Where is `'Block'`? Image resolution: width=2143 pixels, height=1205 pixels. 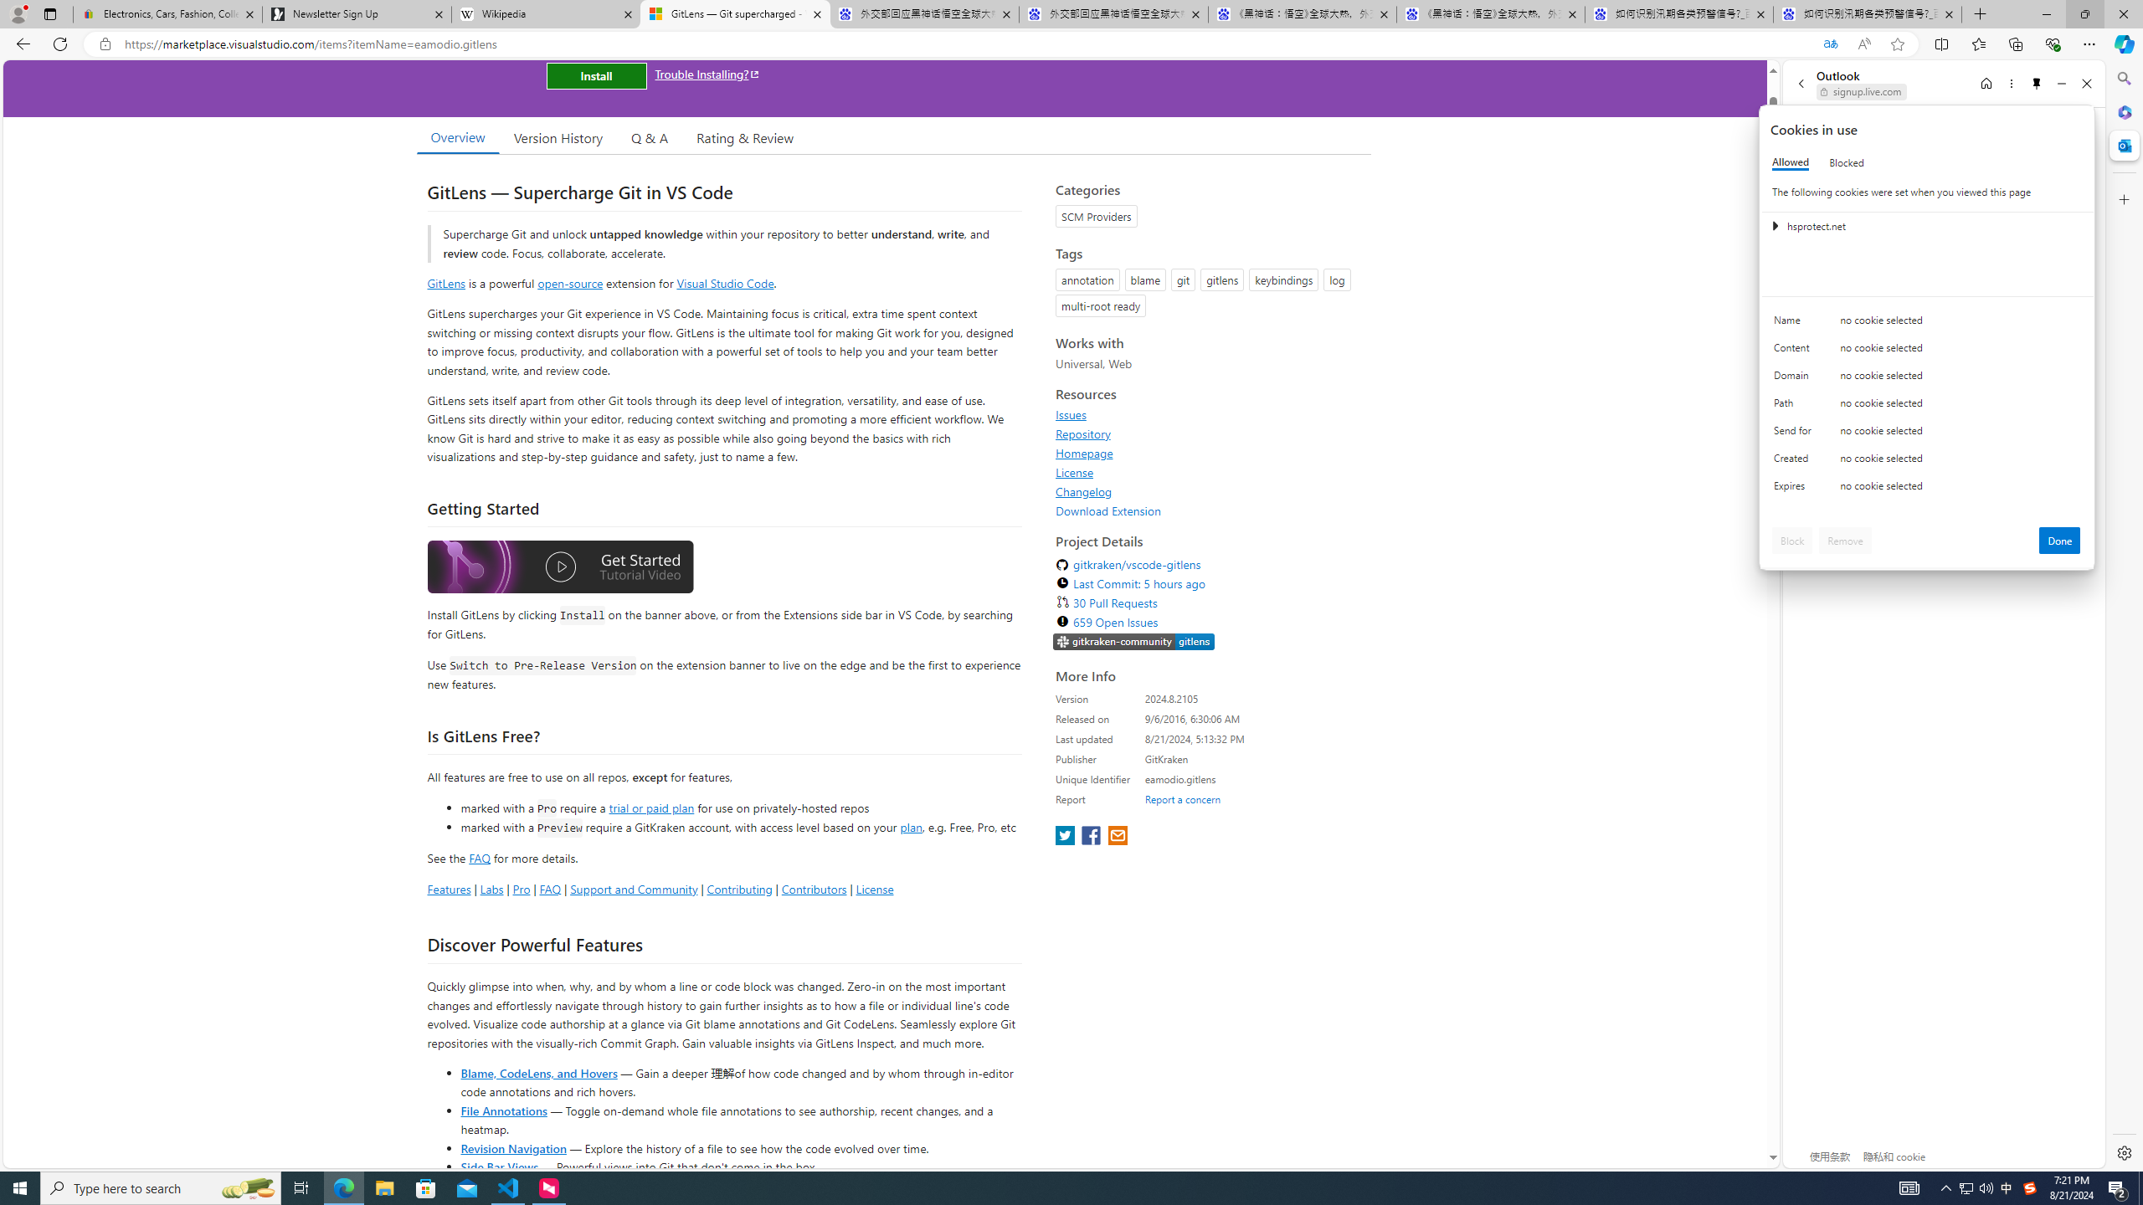
'Block' is located at coordinates (1791, 541).